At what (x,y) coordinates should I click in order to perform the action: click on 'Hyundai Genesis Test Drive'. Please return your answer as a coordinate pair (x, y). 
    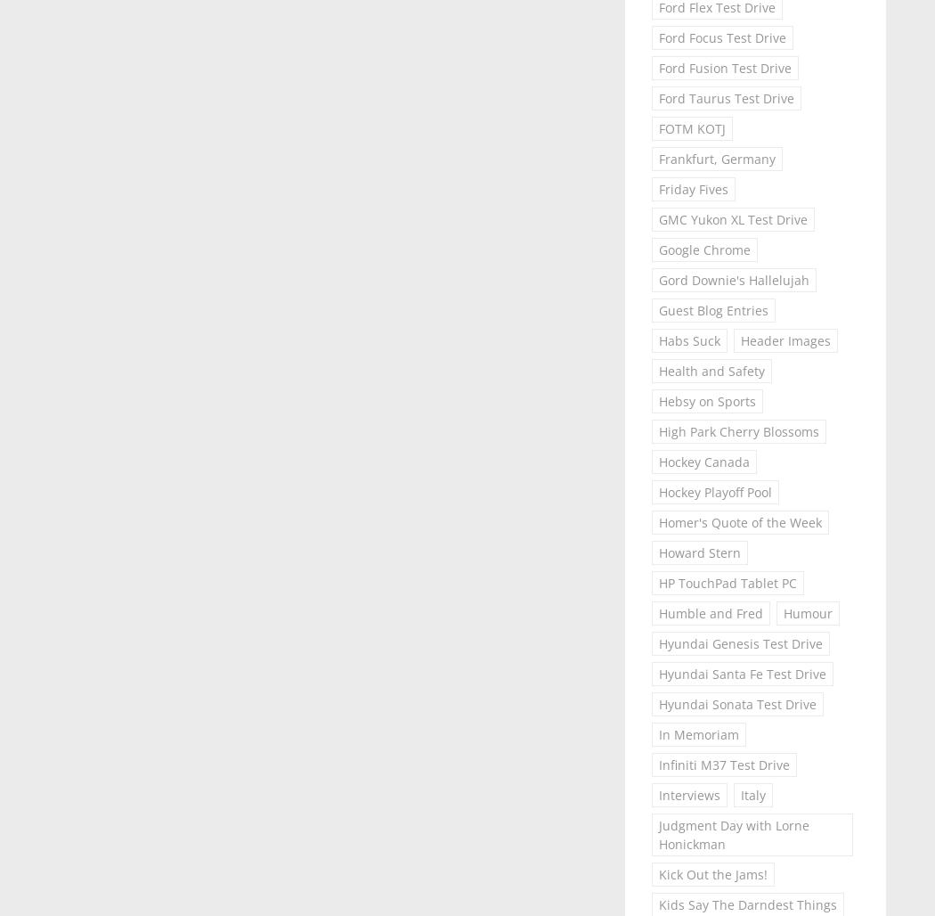
    Looking at the image, I should click on (656, 642).